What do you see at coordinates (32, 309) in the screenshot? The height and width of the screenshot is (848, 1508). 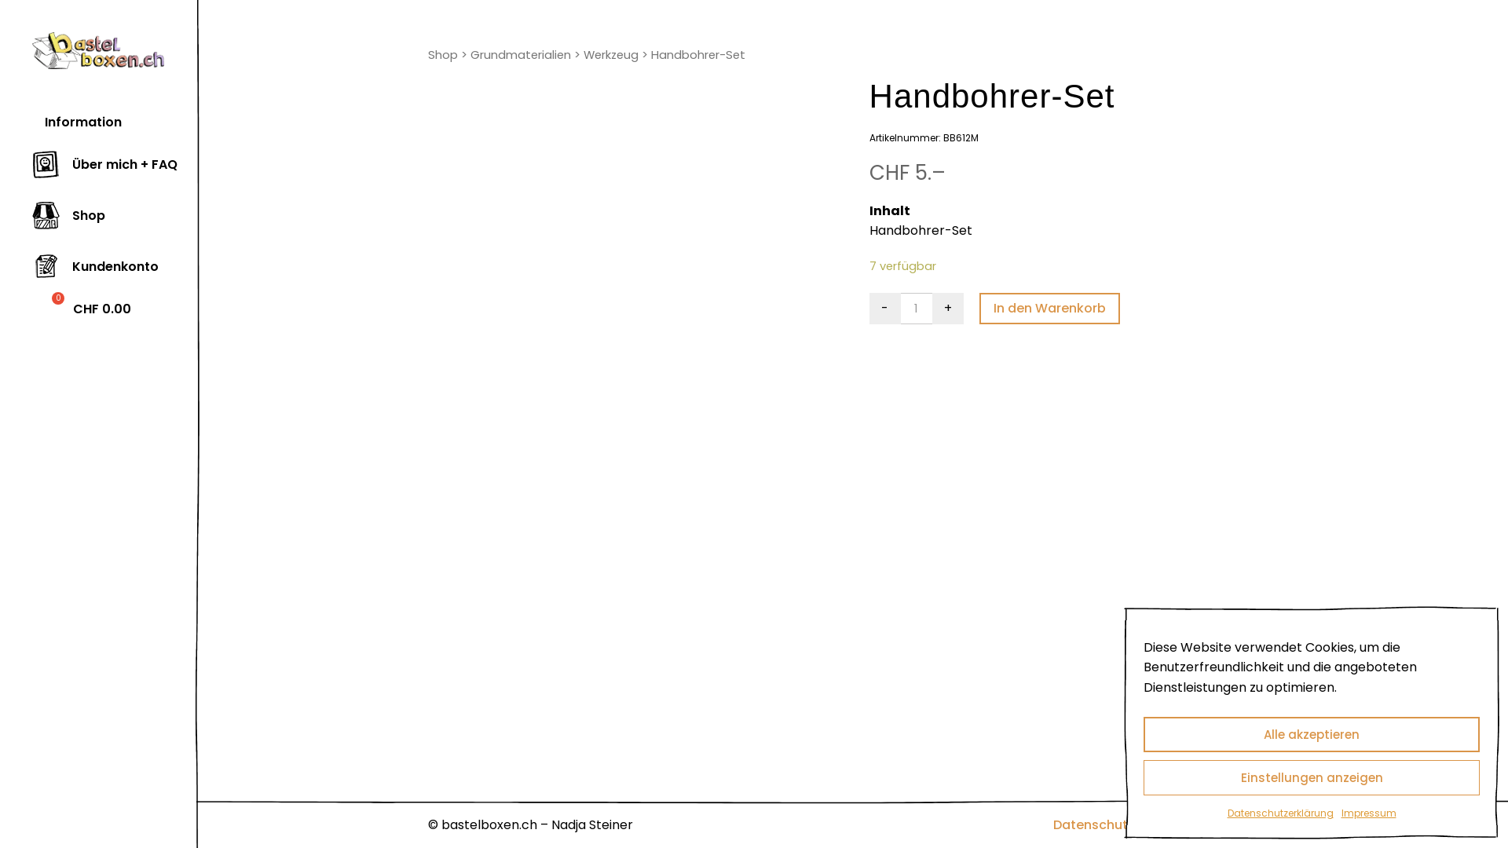 I see `'CHF 0.00'` at bounding box center [32, 309].